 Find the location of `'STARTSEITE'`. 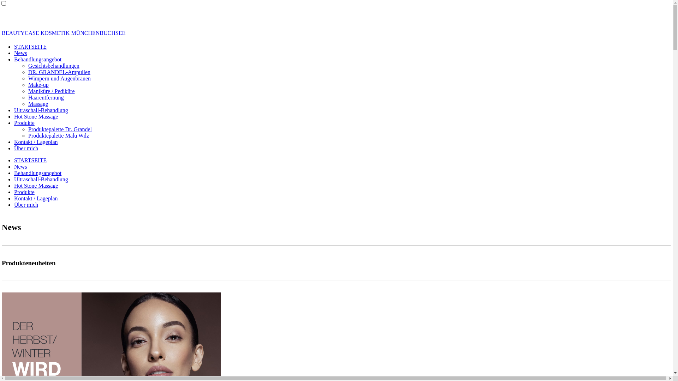

'STARTSEITE' is located at coordinates (30, 160).